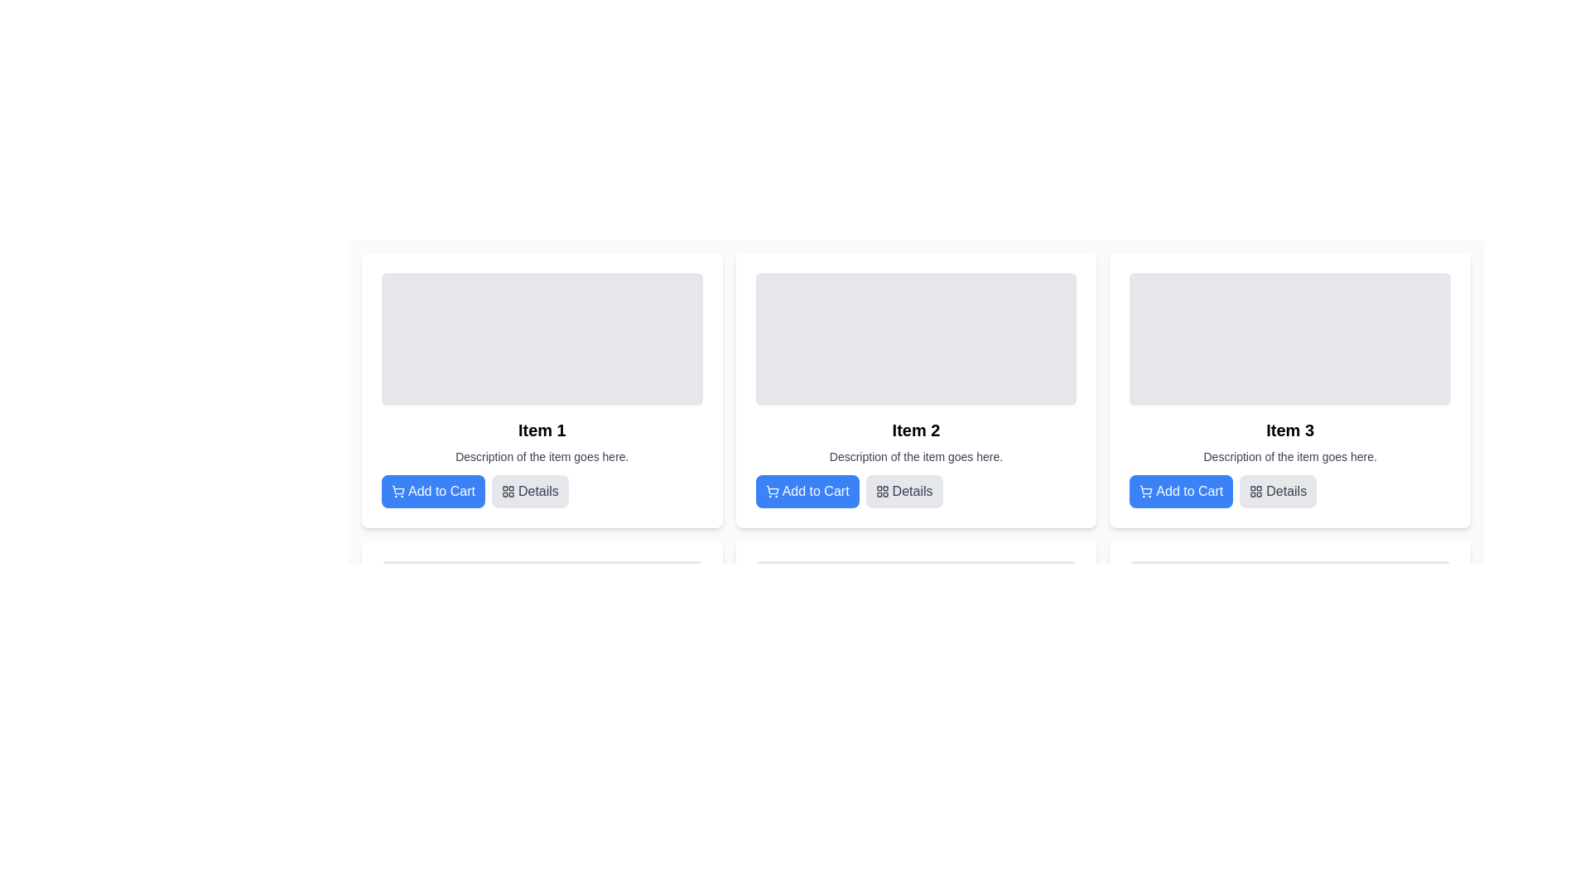 The height and width of the screenshot is (894, 1590). I want to click on the grid layout icon located next to the 'Details' text in the button of the third item card, so click(1255, 491).